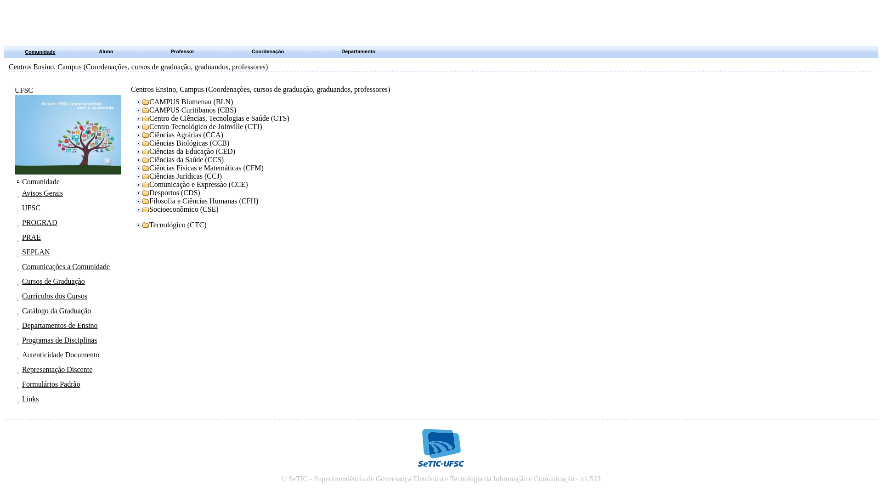 The image size is (882, 496). I want to click on 'Professor', so click(183, 51).